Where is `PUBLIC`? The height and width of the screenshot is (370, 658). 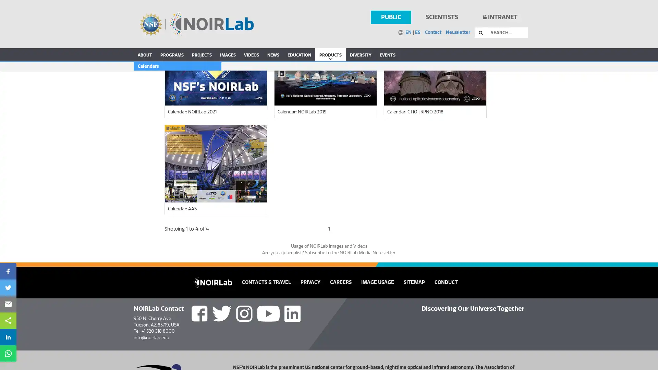 PUBLIC is located at coordinates (391, 17).